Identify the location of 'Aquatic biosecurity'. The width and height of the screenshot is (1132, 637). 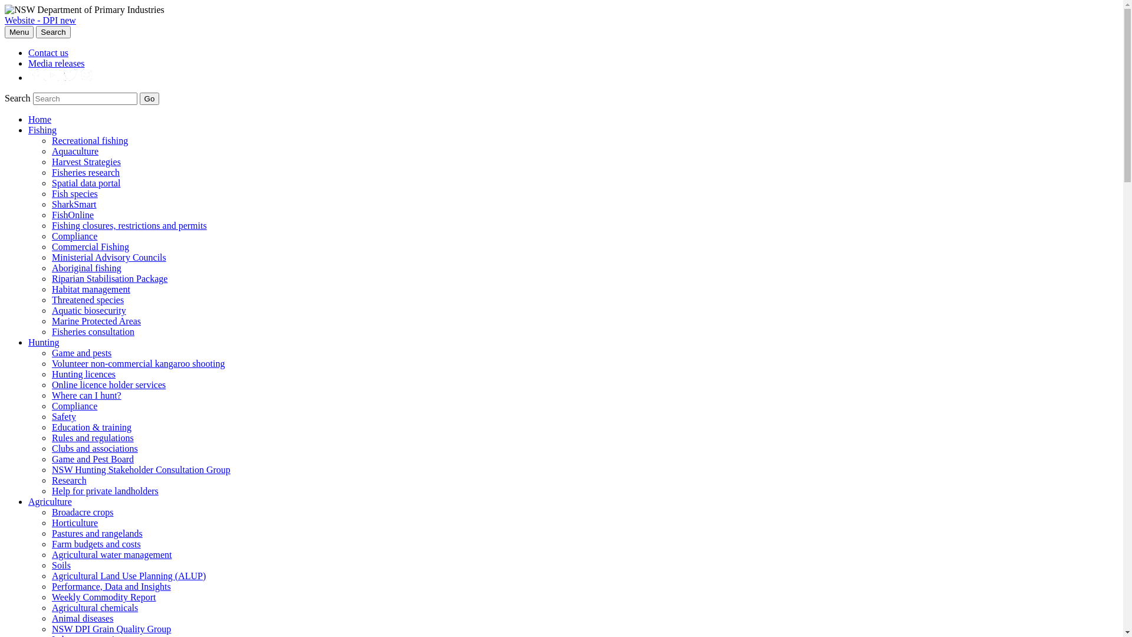
(88, 310).